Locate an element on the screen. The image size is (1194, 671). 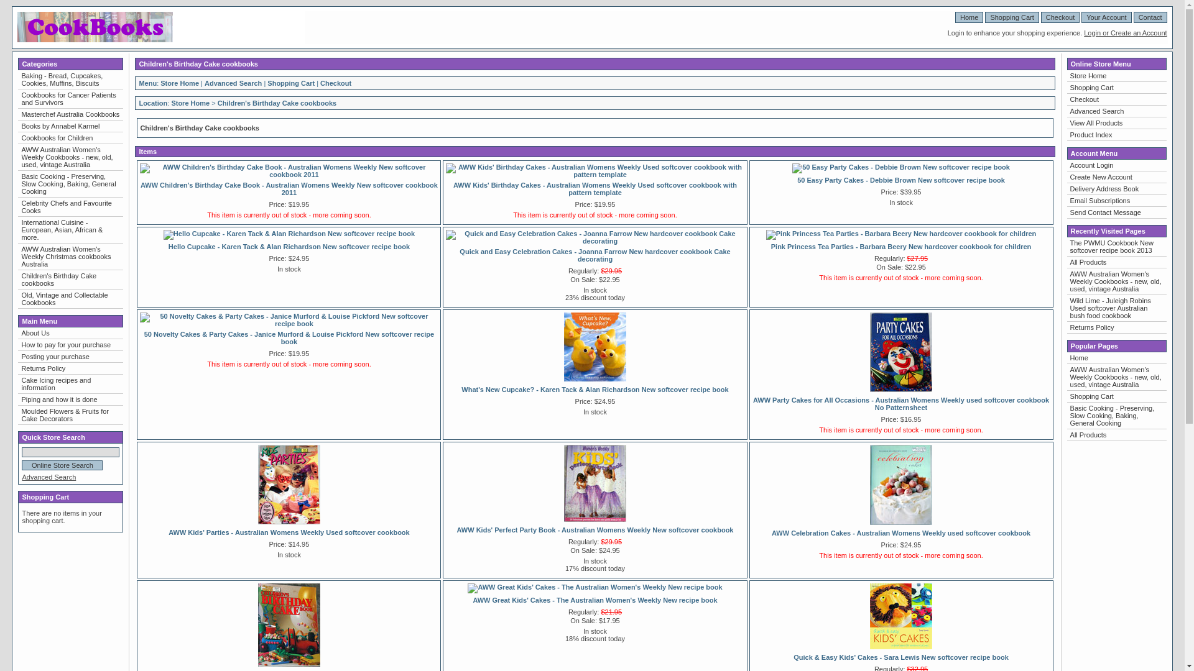
'Create New Account' is located at coordinates (1116, 177).